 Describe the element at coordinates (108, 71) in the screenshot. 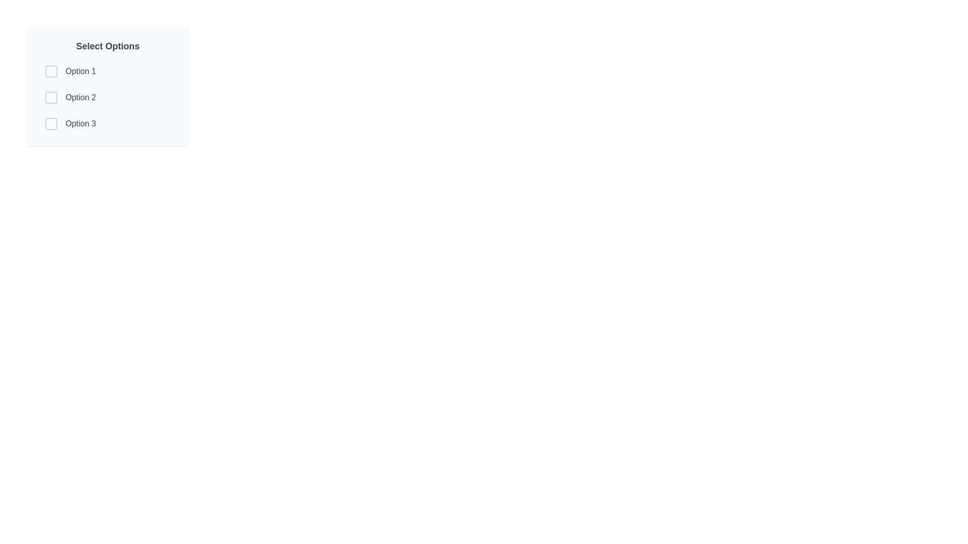

I see `the checkbox labeled 'Option 1'` at that location.